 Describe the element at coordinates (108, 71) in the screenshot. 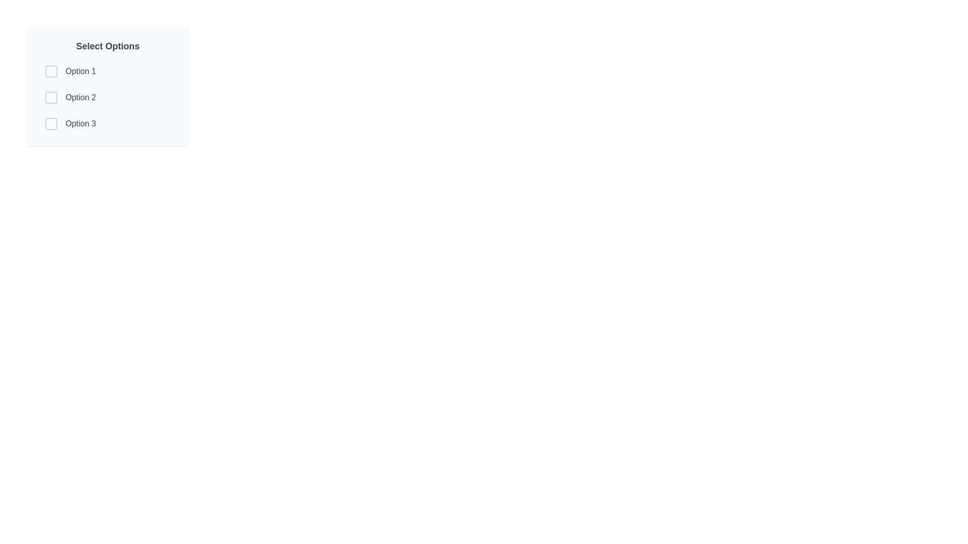

I see `the checkbox labeled 'Option 1'` at that location.